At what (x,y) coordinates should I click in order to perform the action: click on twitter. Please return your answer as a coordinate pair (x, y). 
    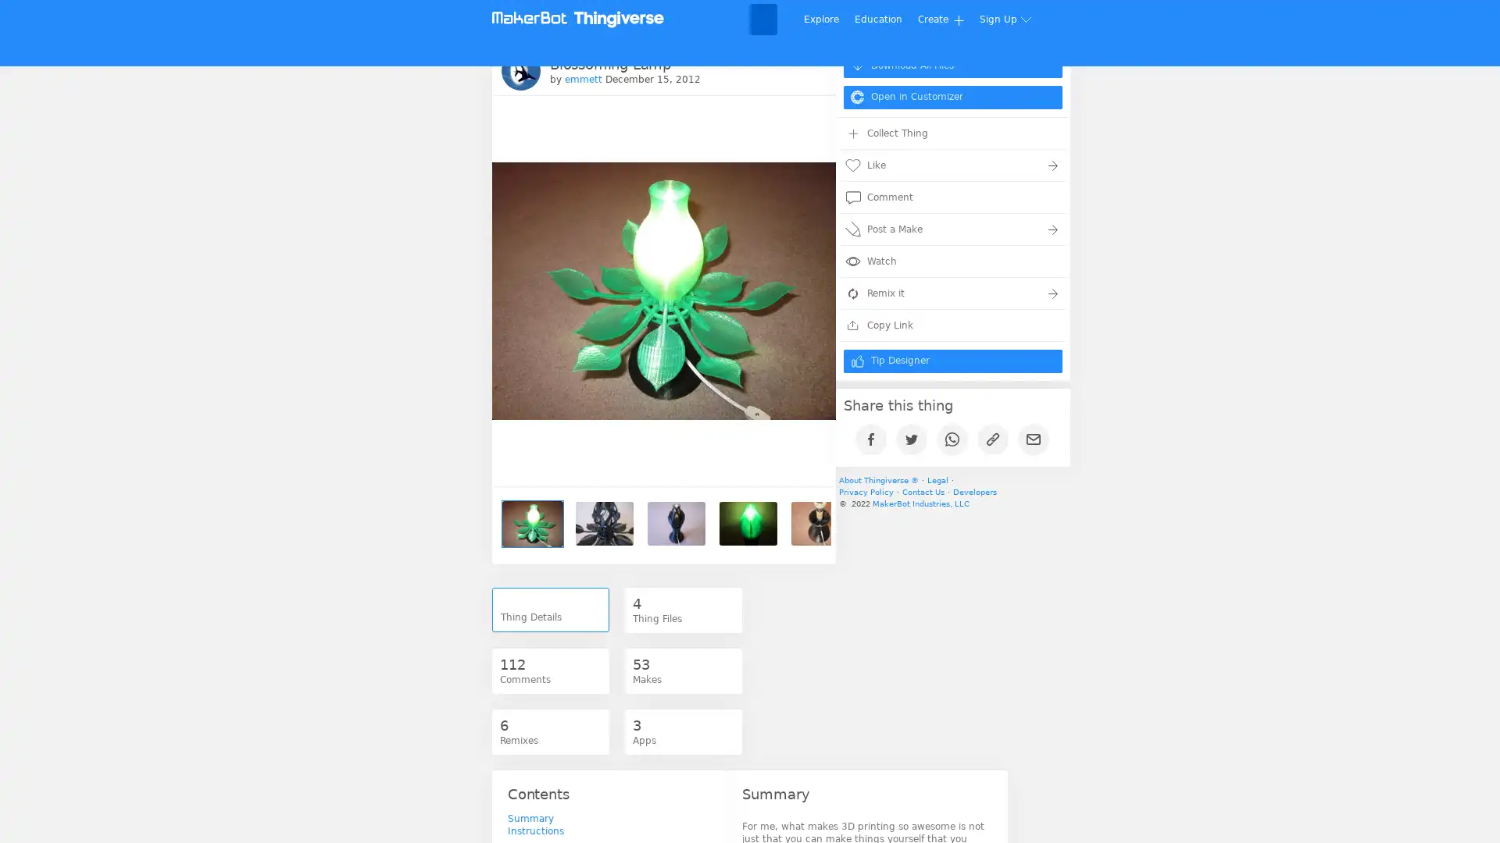
    Looking at the image, I should click on (916, 437).